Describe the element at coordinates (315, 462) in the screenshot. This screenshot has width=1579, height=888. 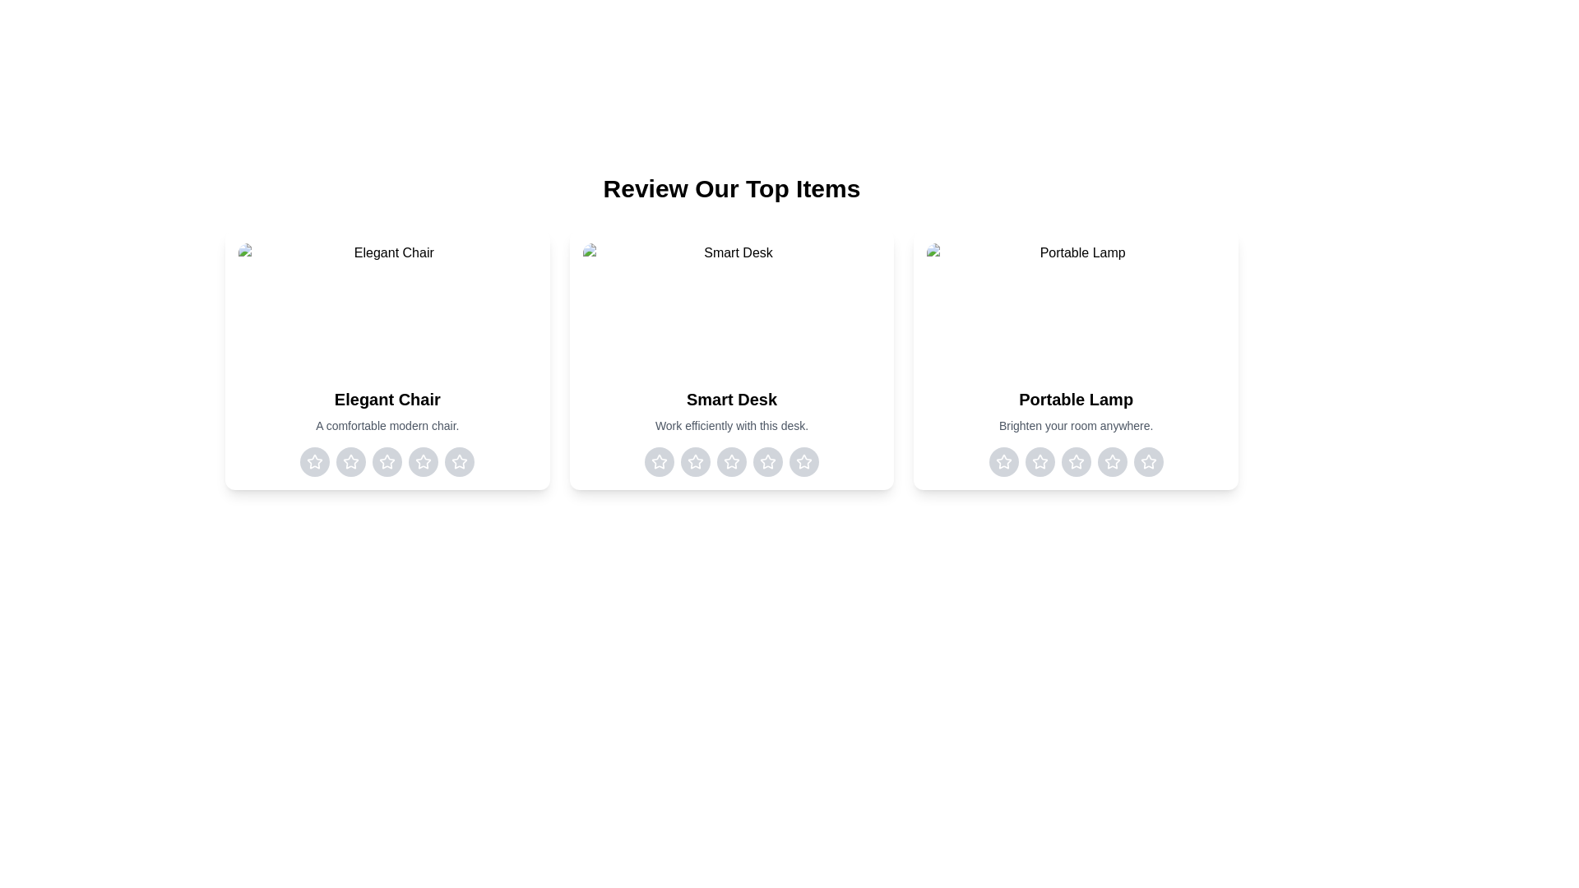
I see `the rating for the item 'Elegant Chair' to 1 stars` at that location.